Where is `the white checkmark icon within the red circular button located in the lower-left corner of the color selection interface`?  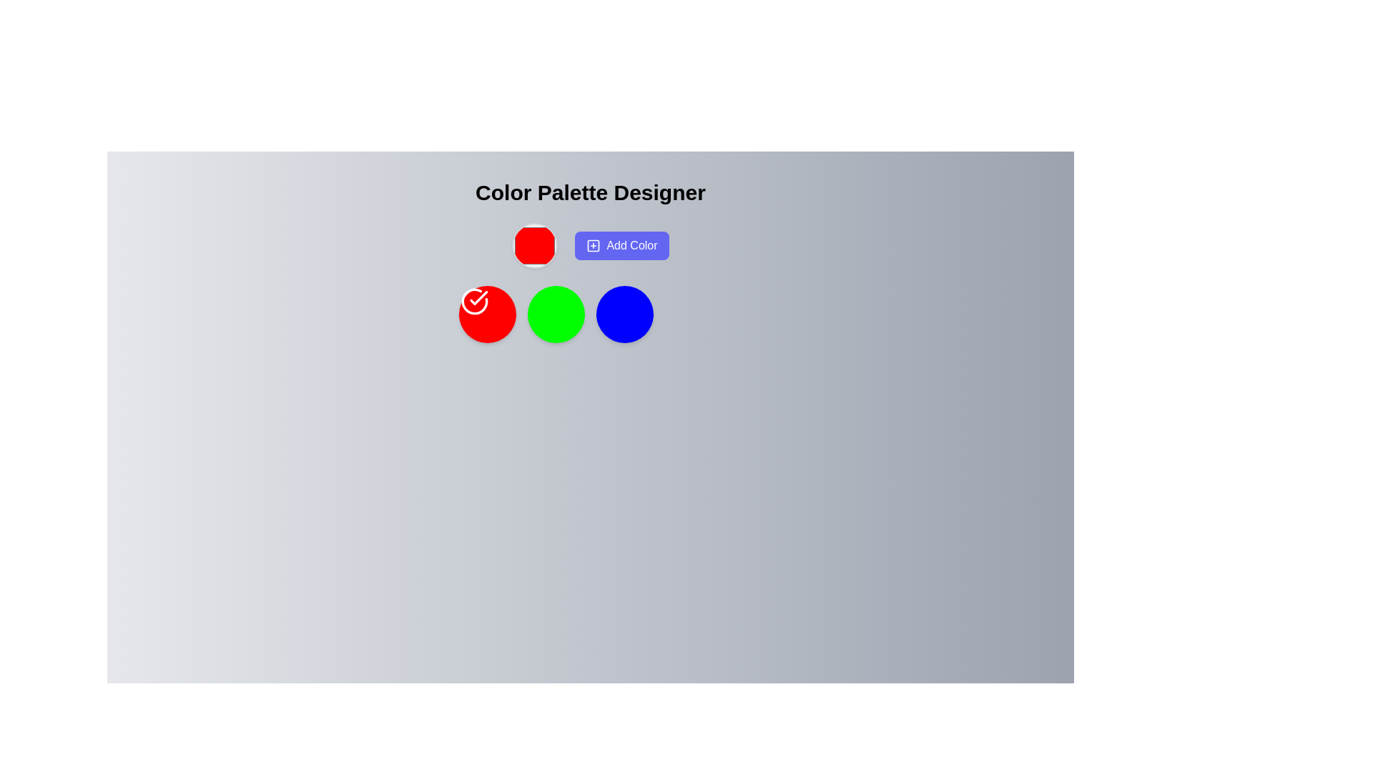 the white checkmark icon within the red circular button located in the lower-left corner of the color selection interface is located at coordinates (474, 300).